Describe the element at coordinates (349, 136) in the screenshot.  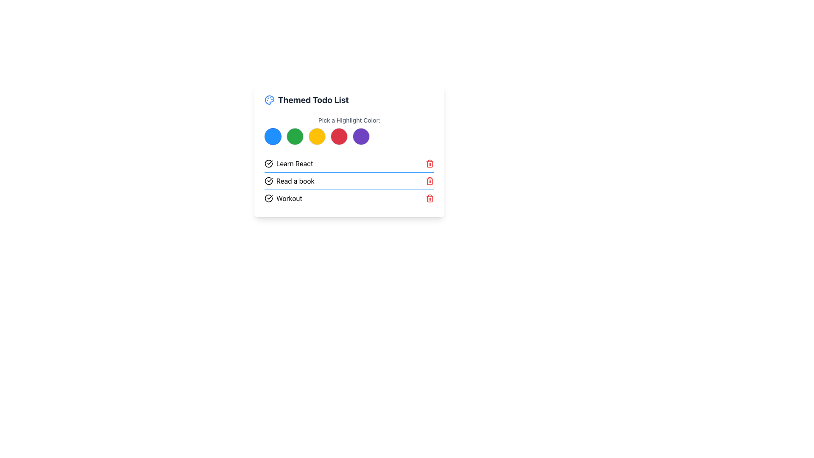
I see `the circular swatch in the Color Selector` at that location.